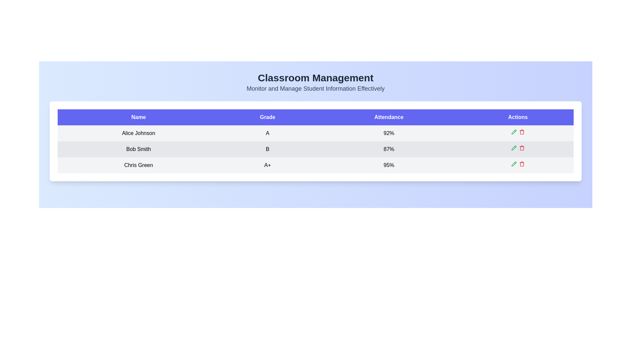 This screenshot has height=360, width=640. Describe the element at coordinates (267, 149) in the screenshot. I see `the grade text element for student 'Bob Smith', which is located in the middle cell of the second row under the 'Grade' column` at that location.